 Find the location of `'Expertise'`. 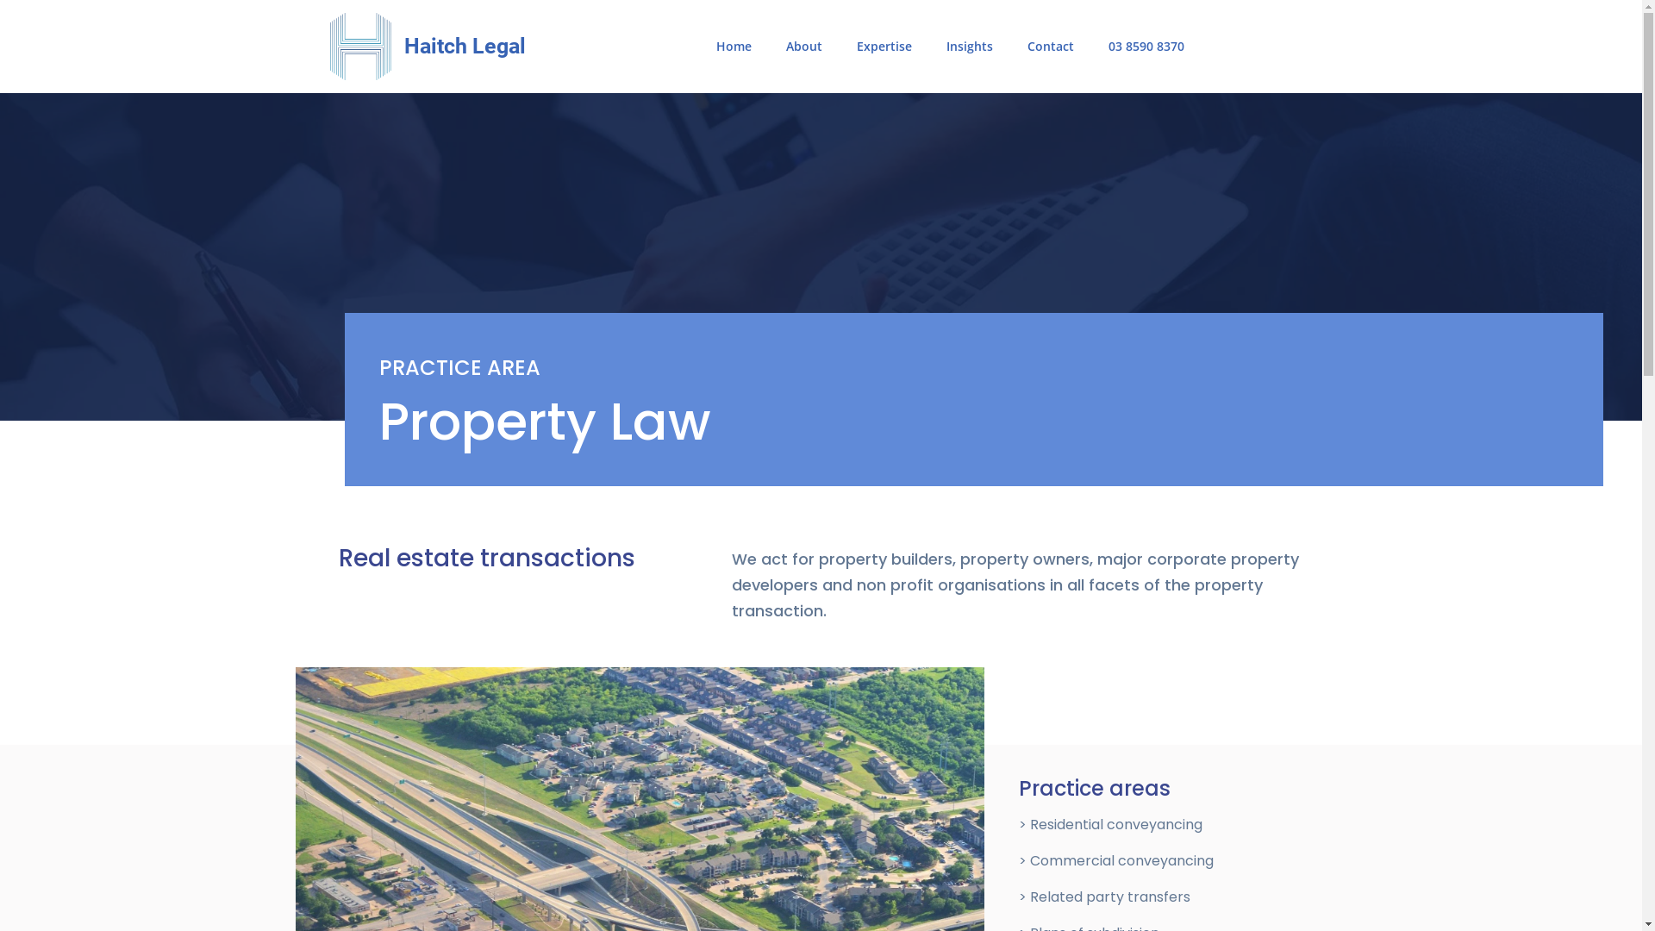

'Expertise' is located at coordinates (884, 46).